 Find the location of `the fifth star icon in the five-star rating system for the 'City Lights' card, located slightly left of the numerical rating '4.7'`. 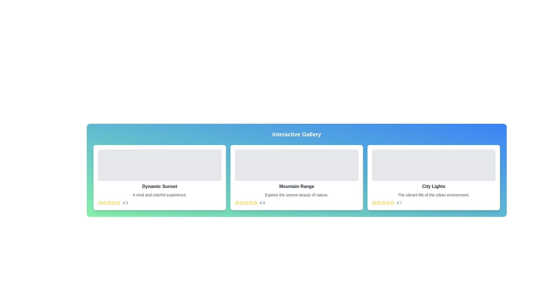

the fifth star icon in the five-star rating system for the 'City Lights' card, located slightly left of the numerical rating '4.7' is located at coordinates (392, 203).